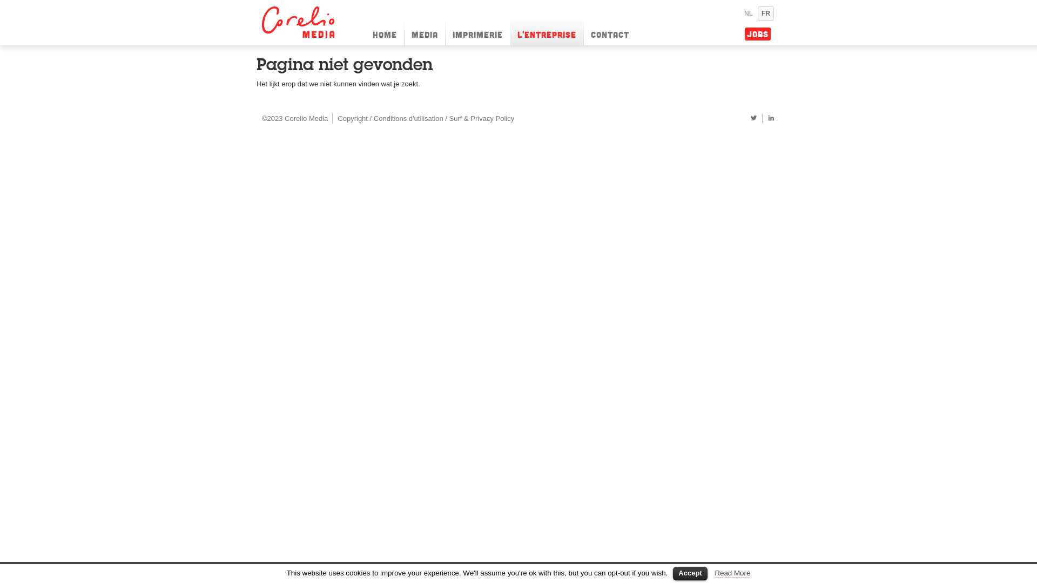 The image size is (1037, 583). I want to click on 'NL', so click(740, 13).